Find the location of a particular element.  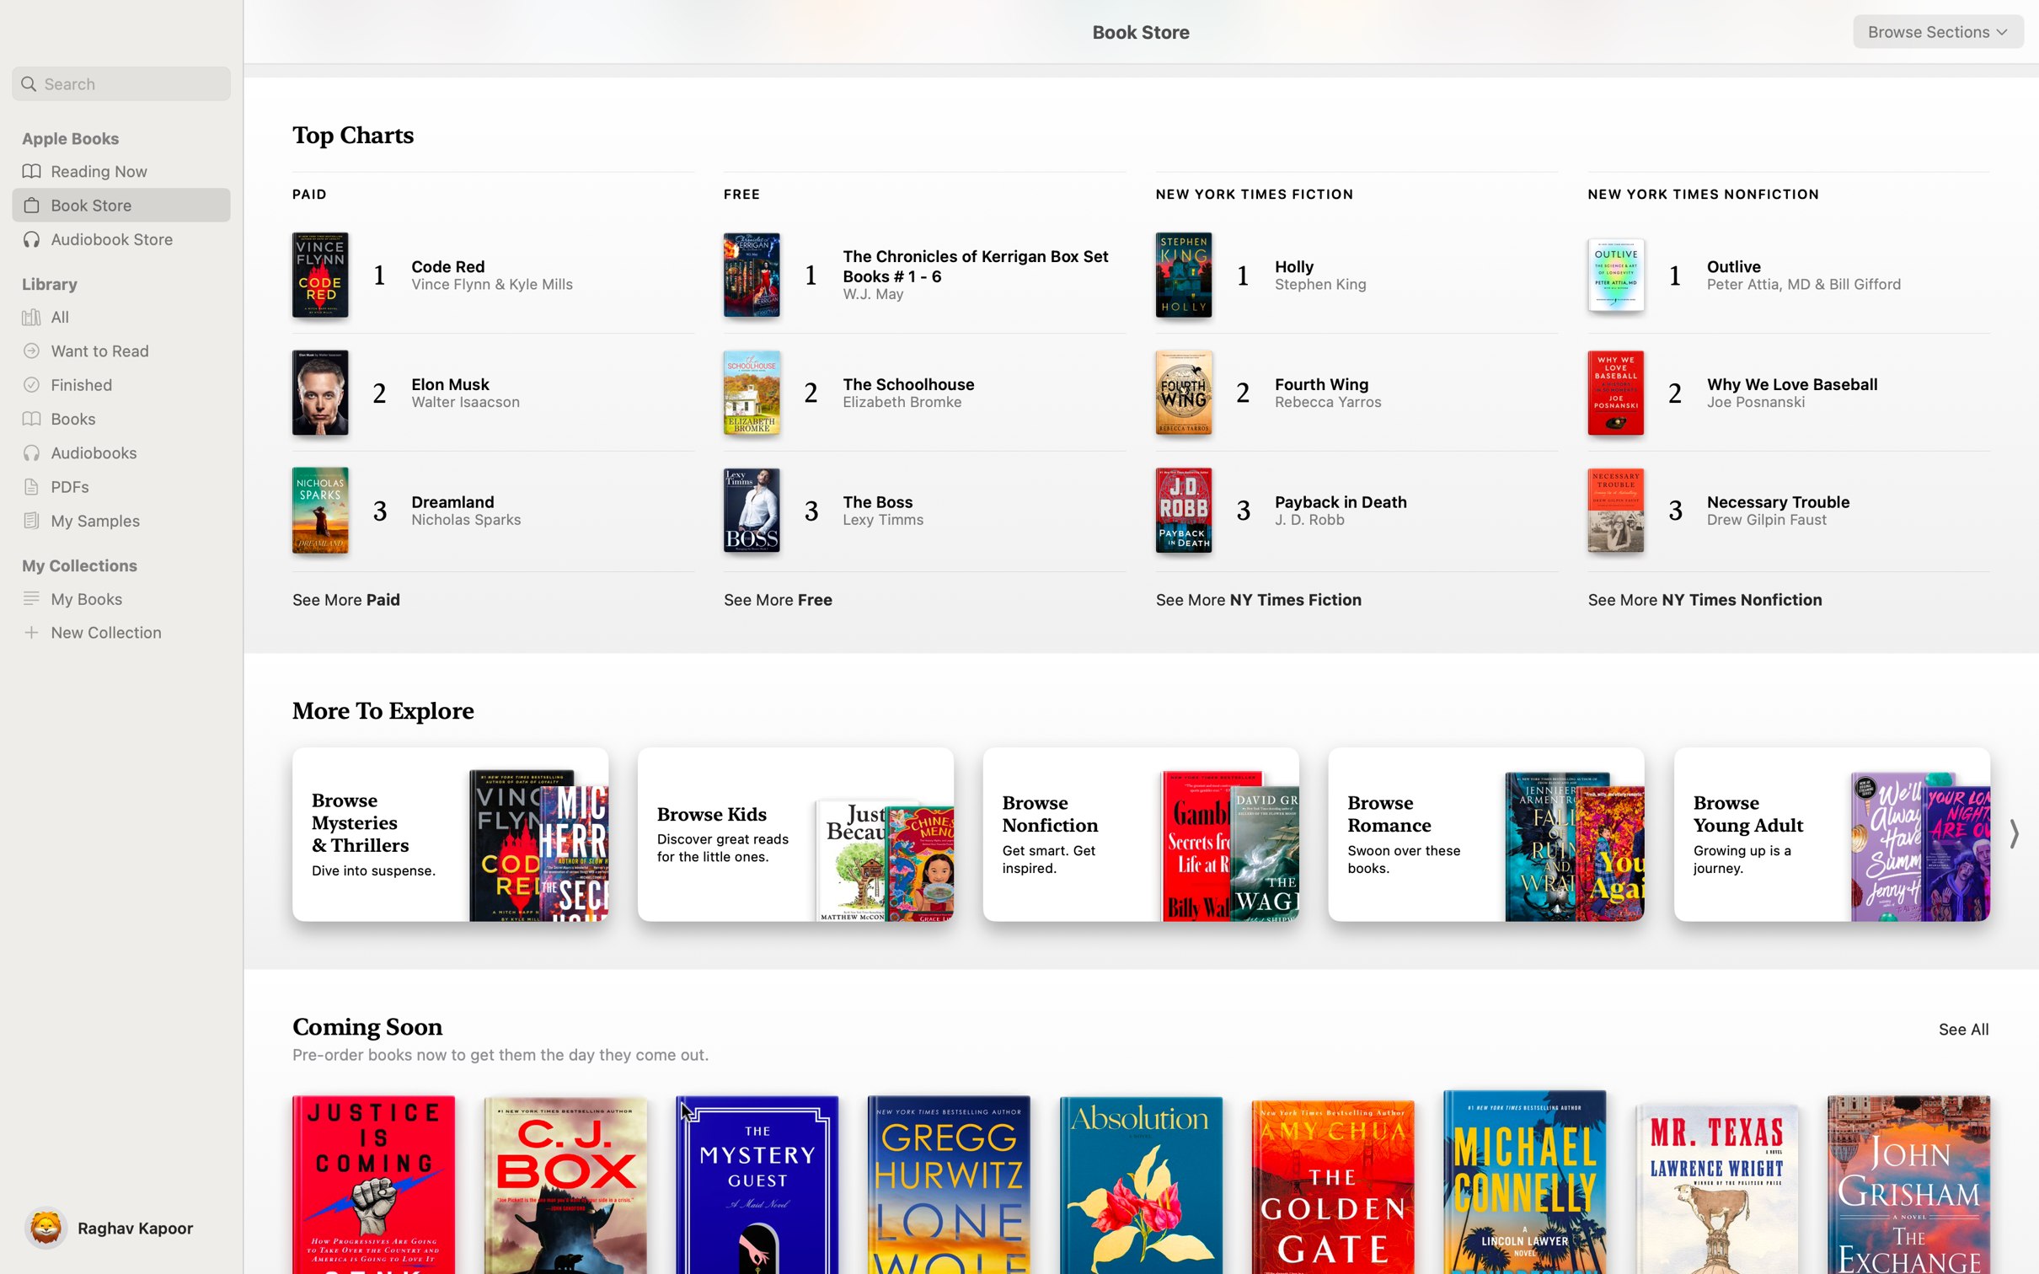

Explore and select Kids books in "More to Explore" section is located at coordinates (795, 835).